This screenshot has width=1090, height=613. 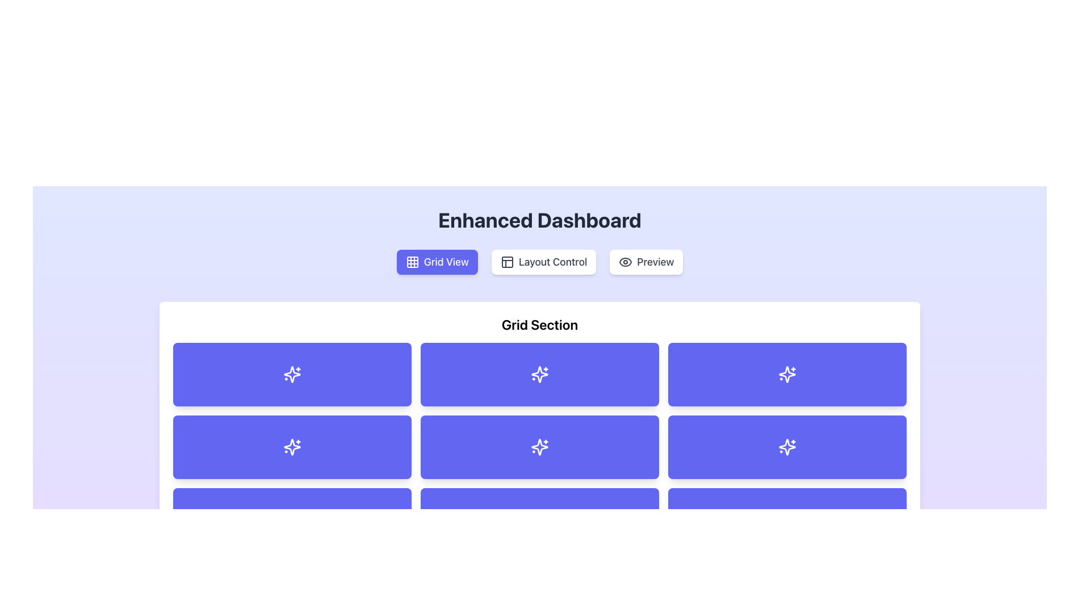 I want to click on the button located in the top left corner of the three-column grid layout below the header section labeled 'Grid Section', so click(x=292, y=374).